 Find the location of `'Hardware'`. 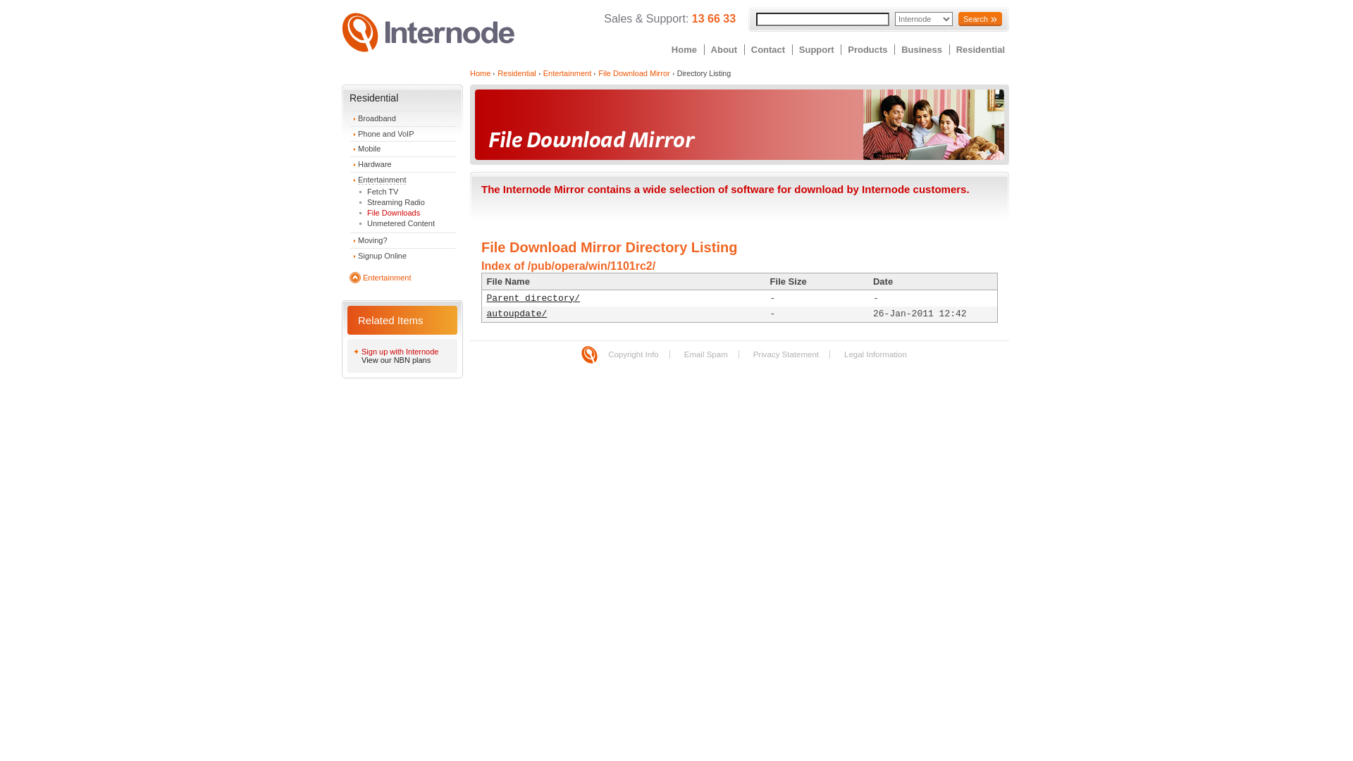

'Hardware' is located at coordinates (375, 163).